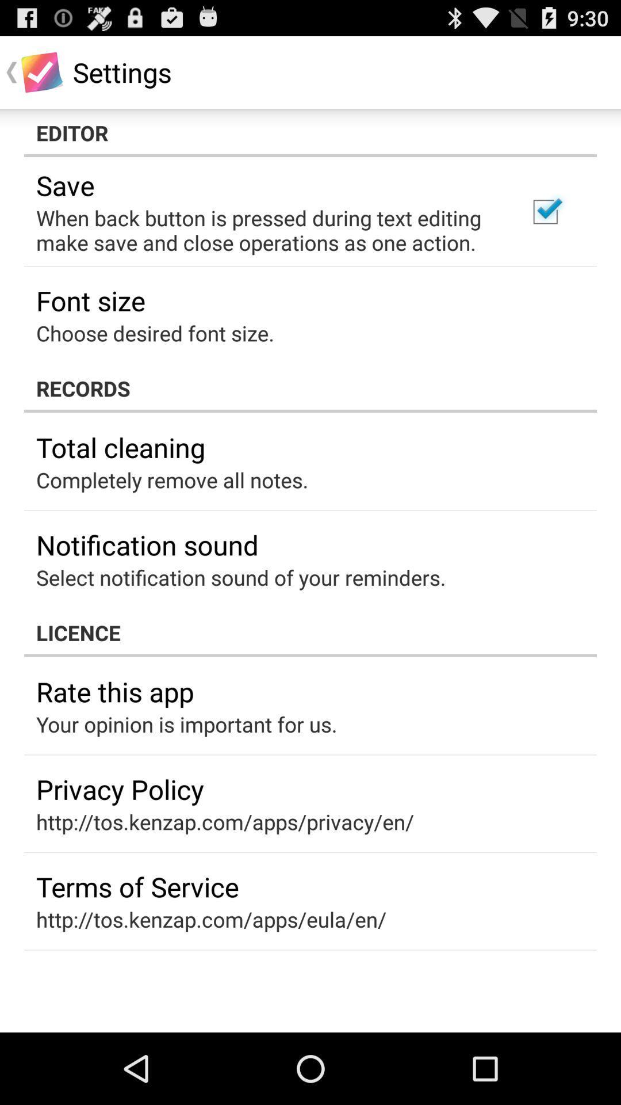 The width and height of the screenshot is (621, 1105). Describe the element at coordinates (545, 212) in the screenshot. I see `the app below the editor app` at that location.